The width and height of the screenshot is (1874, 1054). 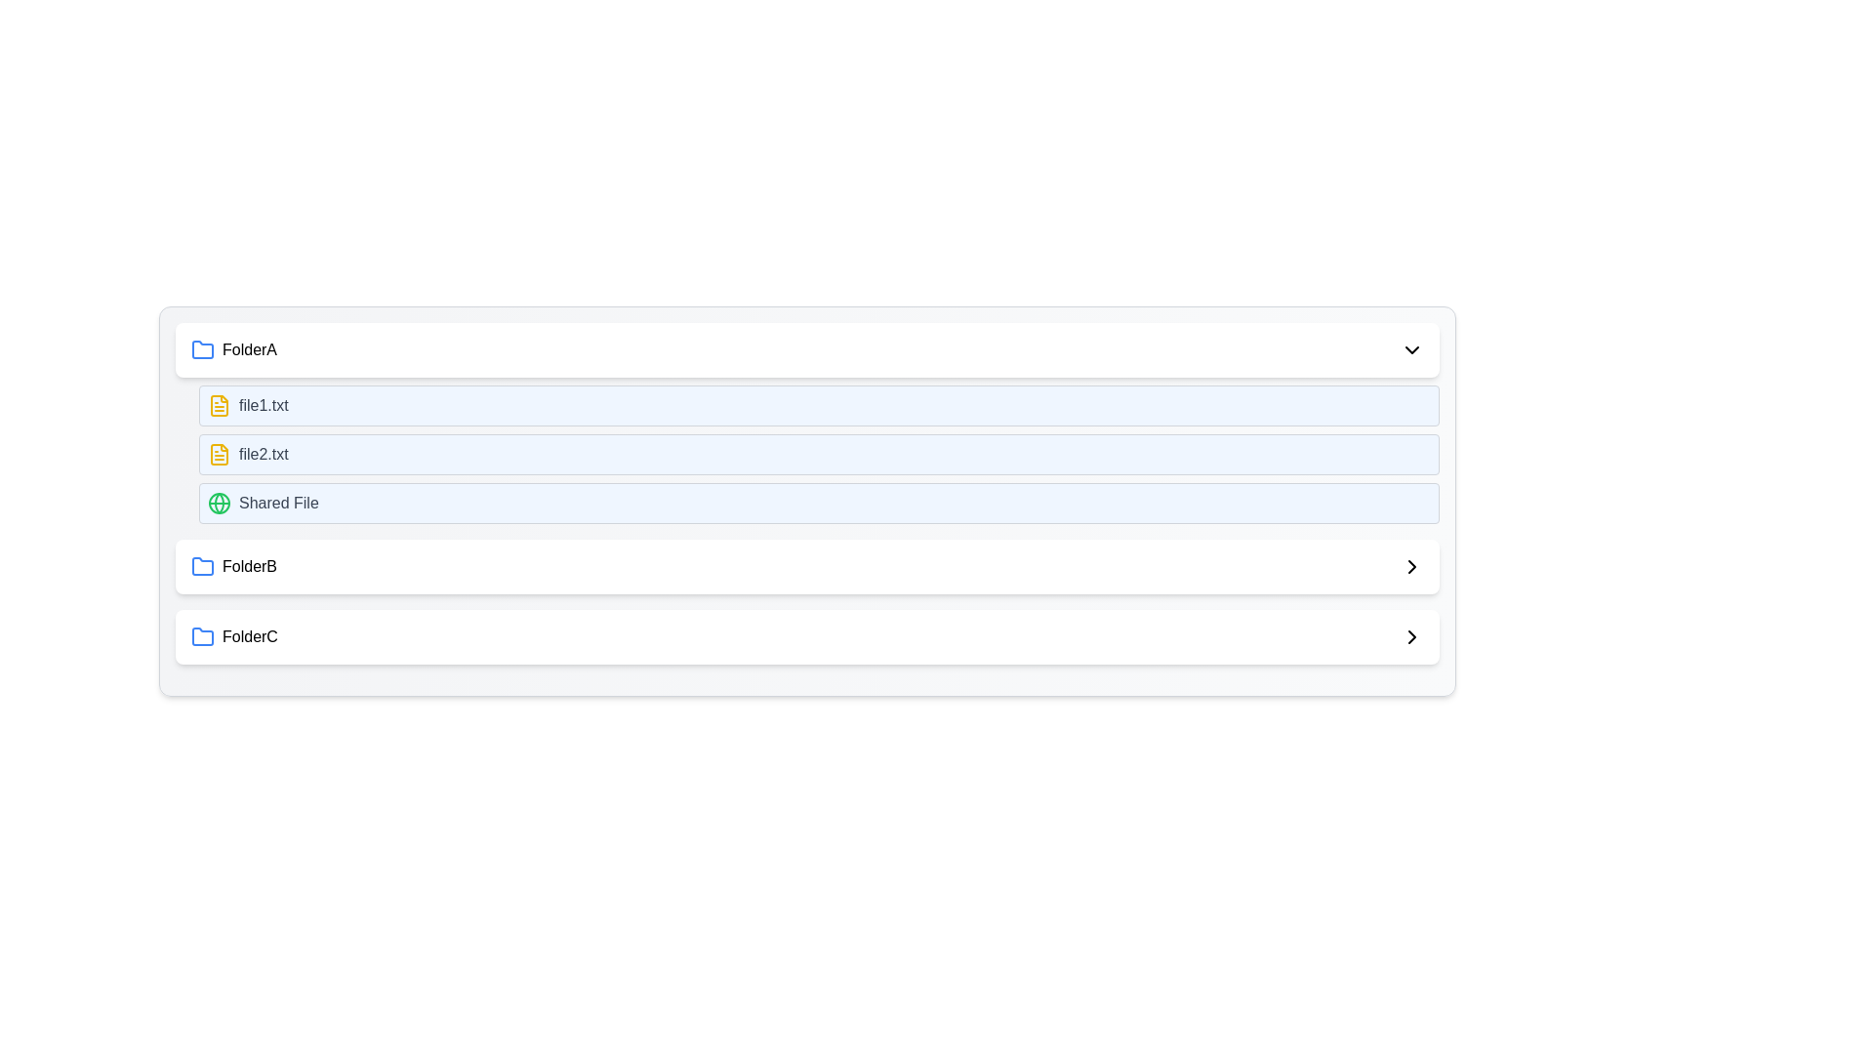 I want to click on the text label 'FolderB', so click(x=248, y=567).